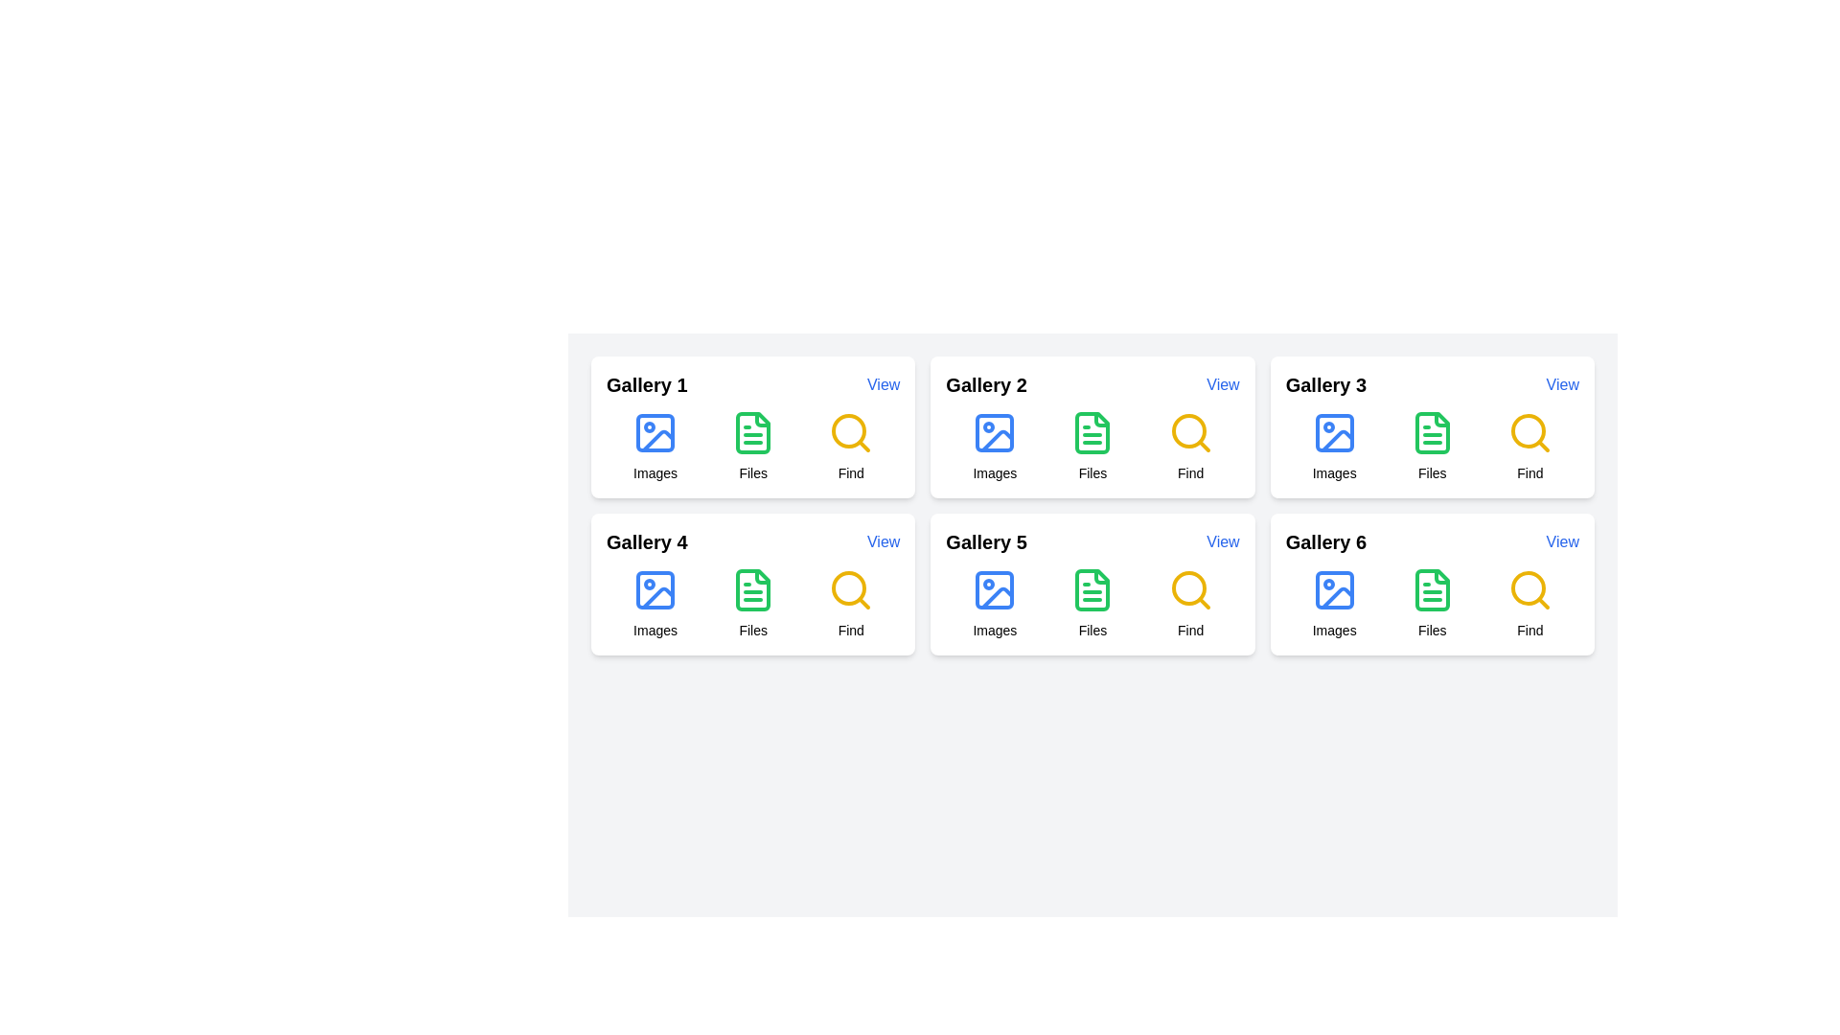  Describe the element at coordinates (1432, 432) in the screenshot. I see `the 'Files' icon located within the 'Gallery 3' card, positioned between the blue 'Images' icon and the yellow 'Find' icon` at that location.